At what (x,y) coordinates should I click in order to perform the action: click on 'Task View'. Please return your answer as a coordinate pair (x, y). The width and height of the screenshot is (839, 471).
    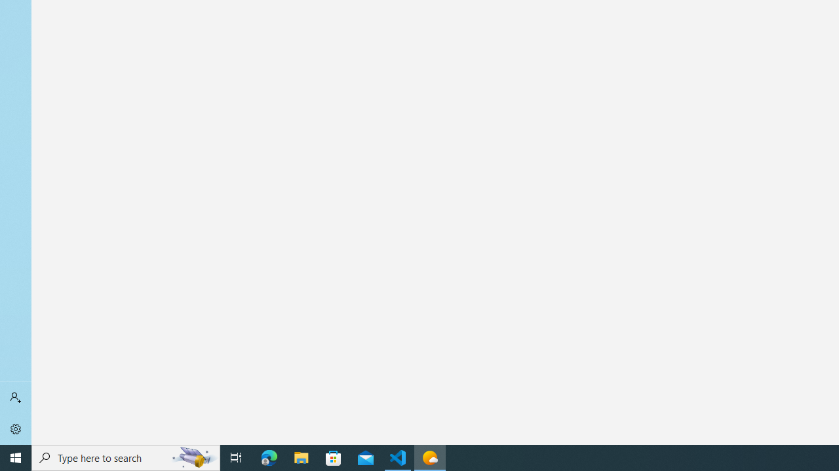
    Looking at the image, I should click on (235, 457).